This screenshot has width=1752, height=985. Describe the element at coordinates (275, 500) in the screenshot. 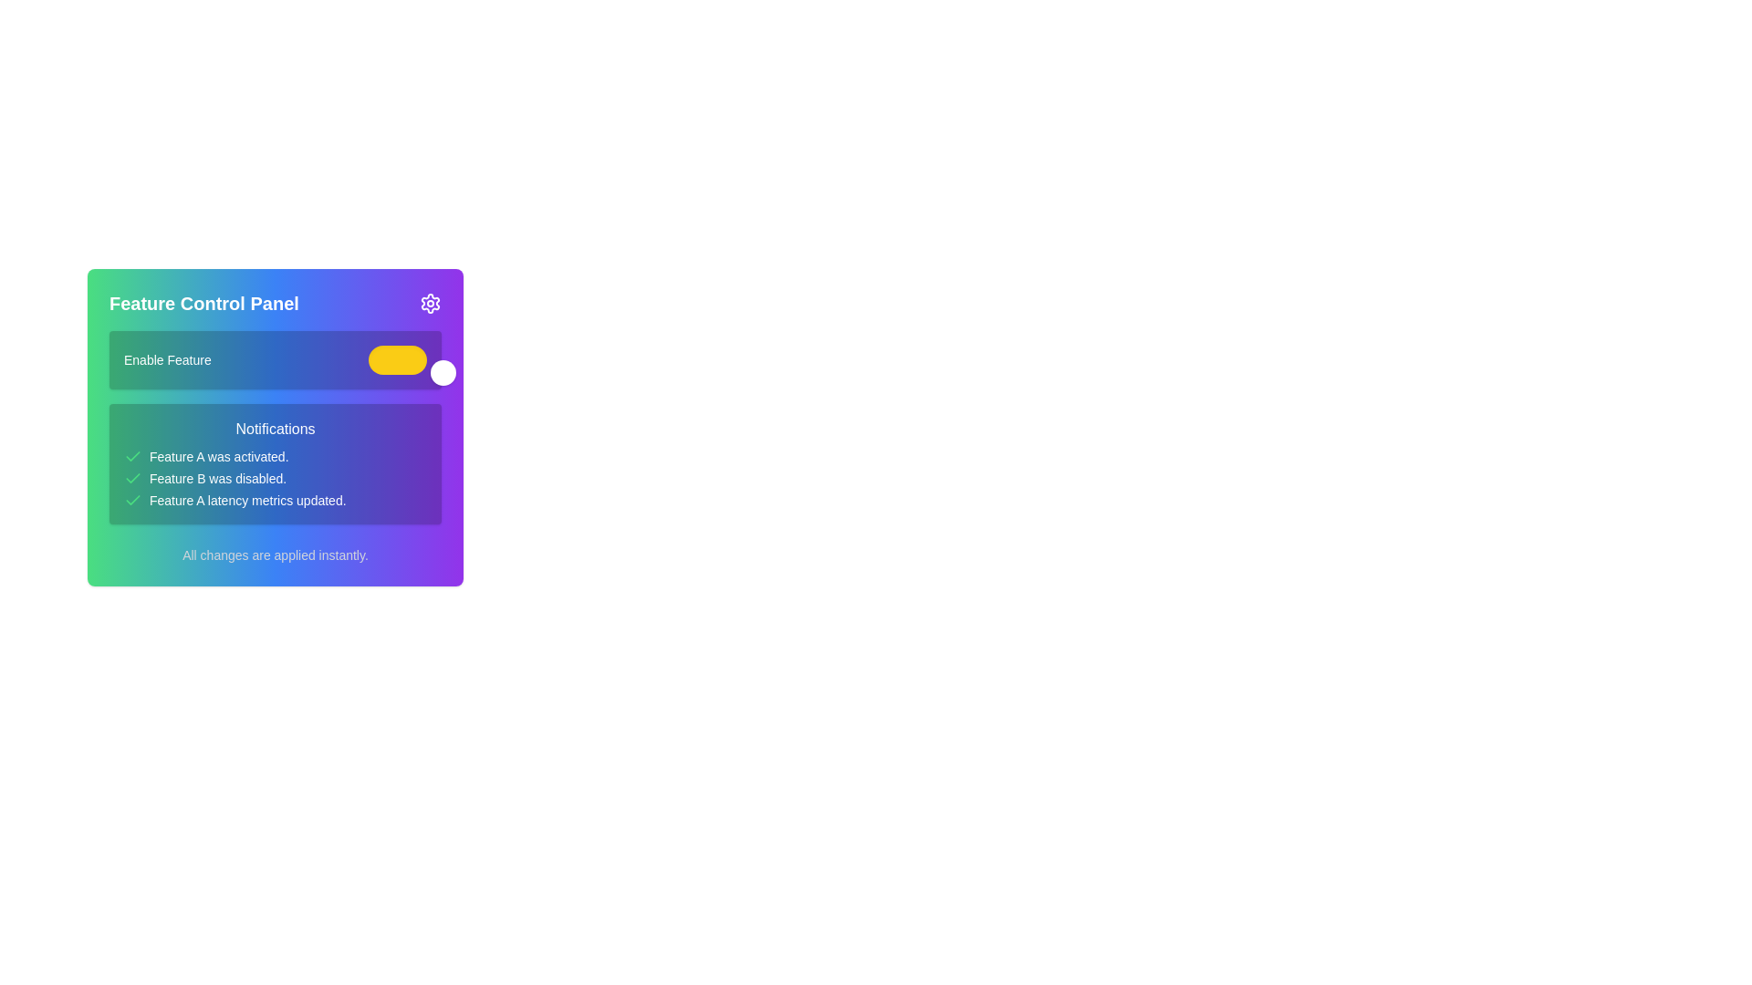

I see `the notification text element displaying 'Feature A latency metrics updated.' which is preceded by a green checkmark icon` at that location.